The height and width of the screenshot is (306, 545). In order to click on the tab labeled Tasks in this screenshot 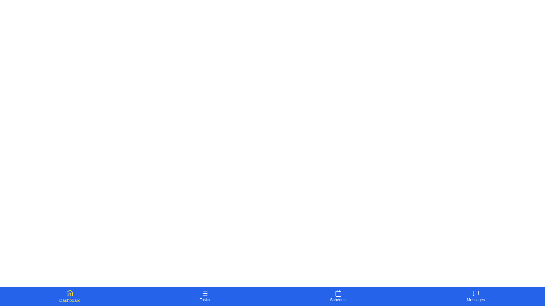, I will do `click(204, 296)`.